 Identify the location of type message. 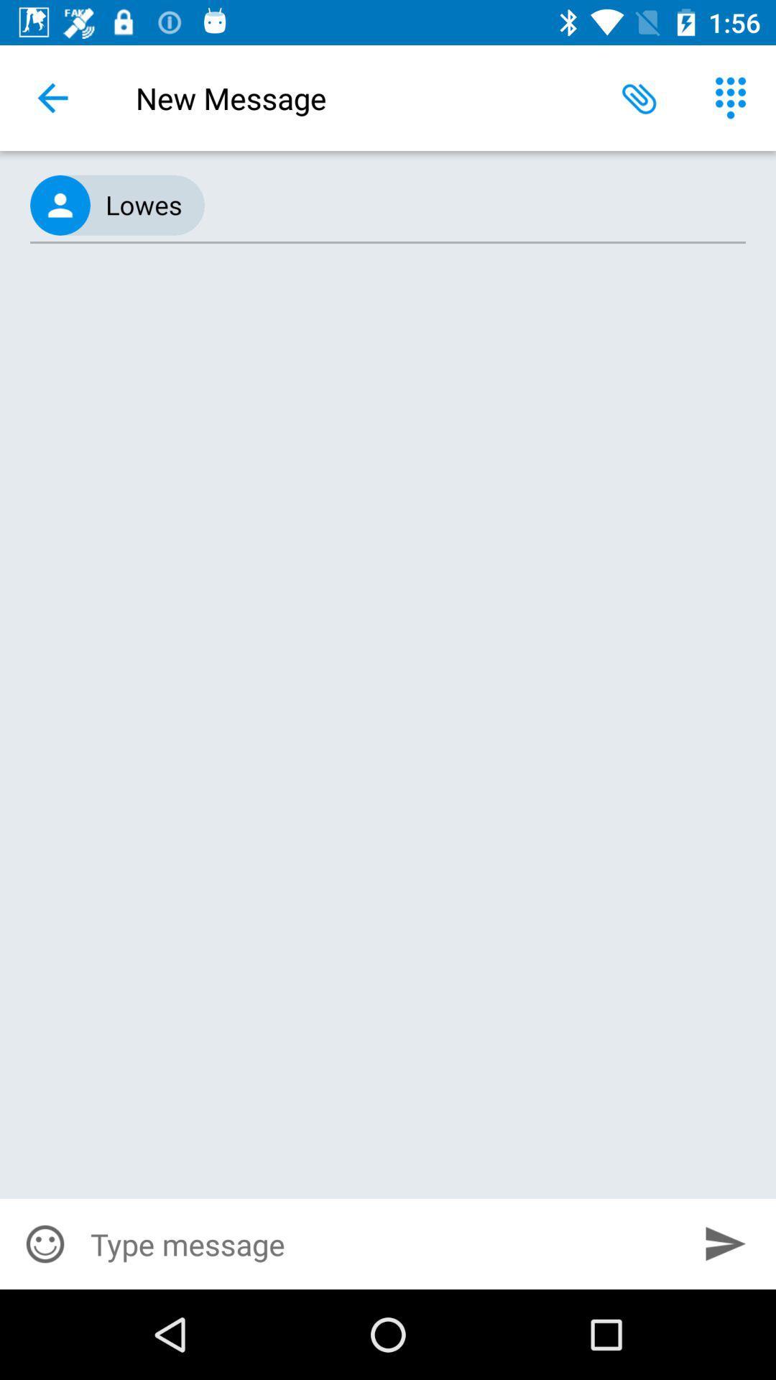
(382, 1243).